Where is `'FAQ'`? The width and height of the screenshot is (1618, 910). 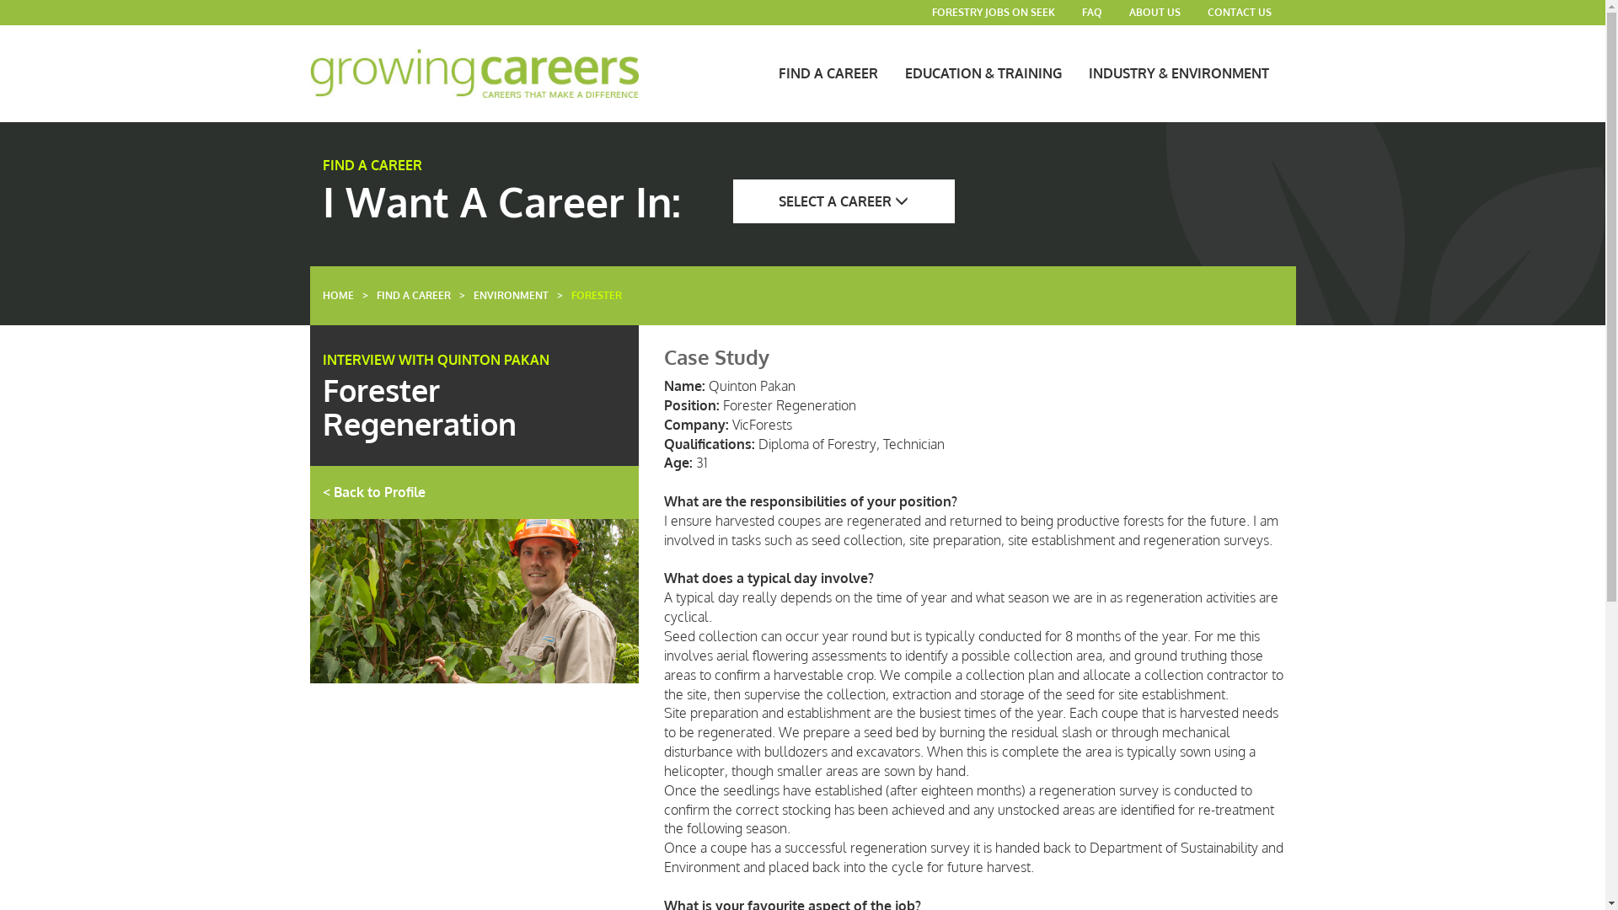 'FAQ' is located at coordinates (1092, 12).